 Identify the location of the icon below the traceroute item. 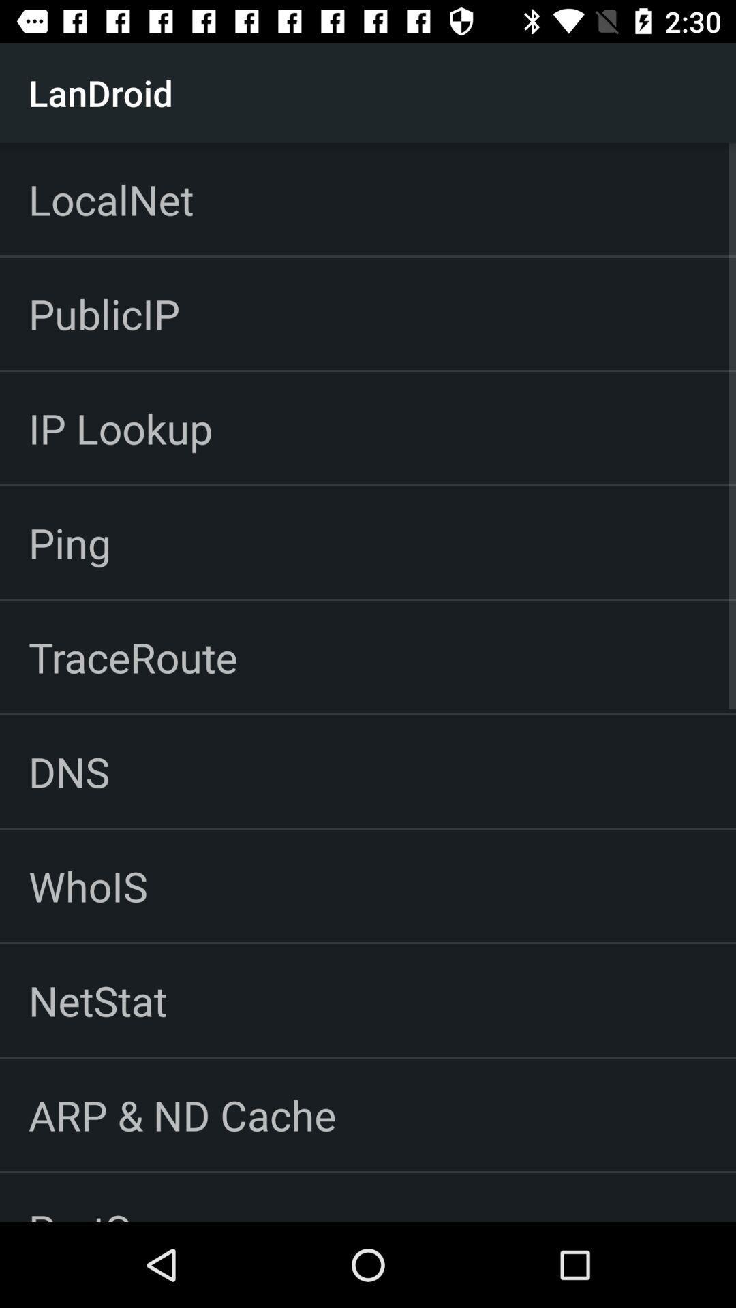
(69, 771).